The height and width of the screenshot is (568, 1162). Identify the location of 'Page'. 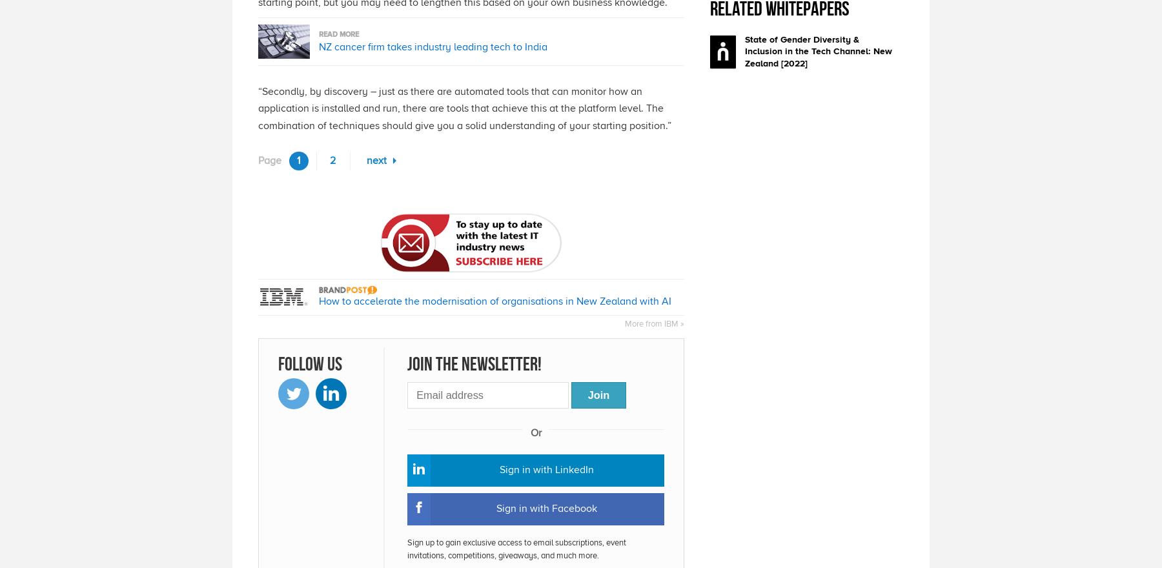
(269, 159).